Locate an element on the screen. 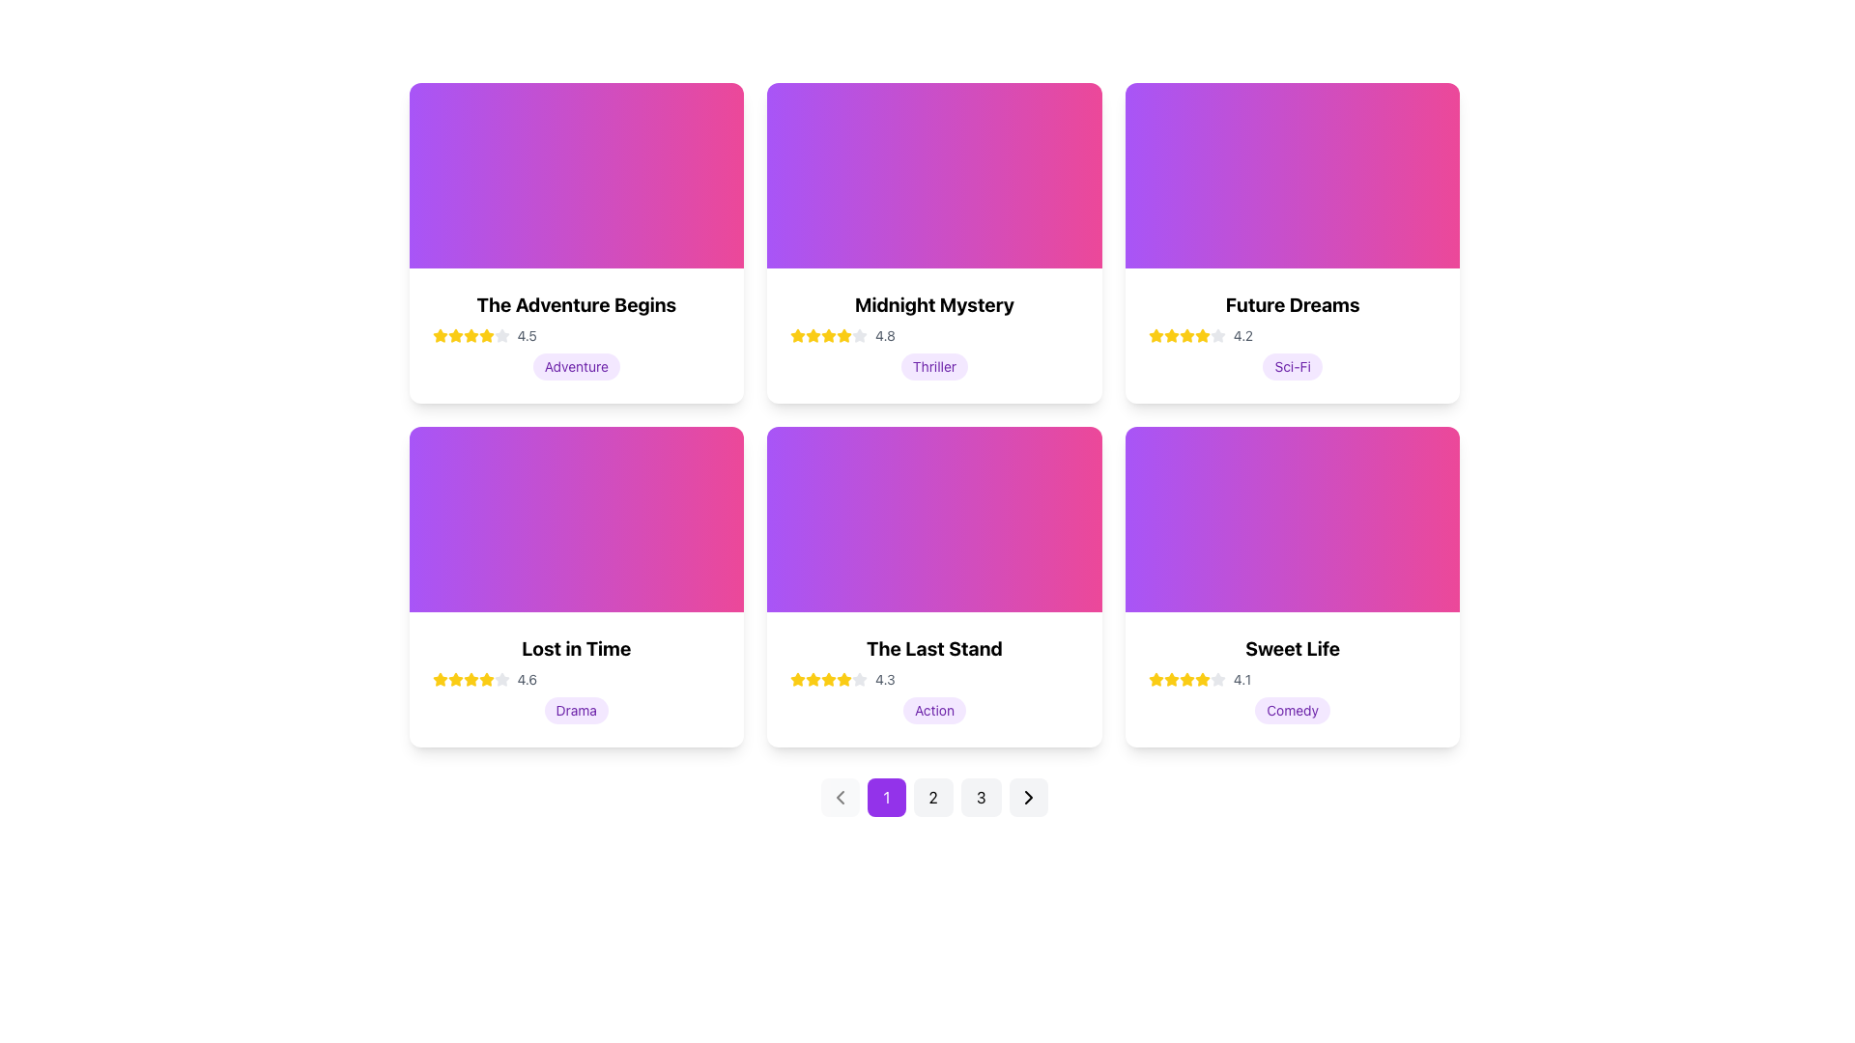 This screenshot has height=1043, width=1855. the third star icon in the five-star rating system below the movie card titled 'The Last Stand' to interact with it, potentially adjusting the rating is located at coordinates (858, 677).